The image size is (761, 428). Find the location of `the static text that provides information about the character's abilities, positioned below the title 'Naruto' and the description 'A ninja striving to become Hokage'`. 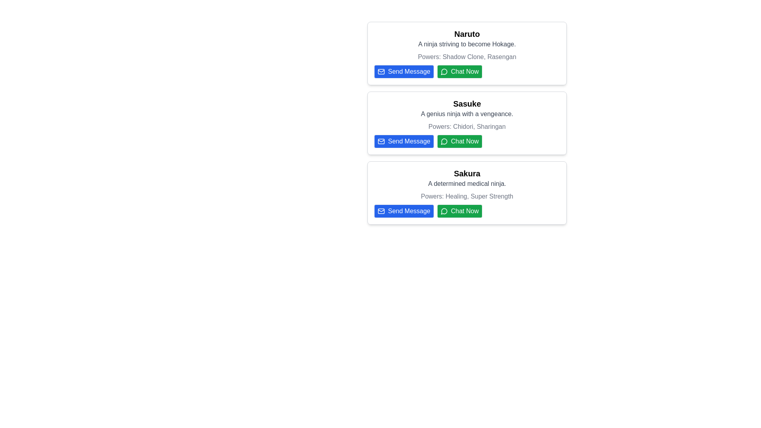

the static text that provides information about the character's abilities, positioned below the title 'Naruto' and the description 'A ninja striving to become Hokage' is located at coordinates (467, 56).